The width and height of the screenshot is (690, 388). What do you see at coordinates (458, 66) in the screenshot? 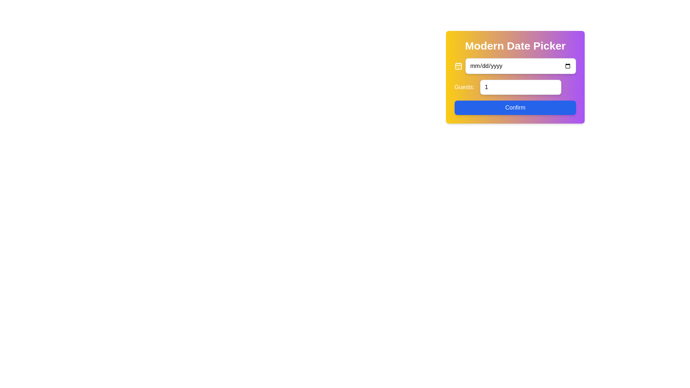
I see `the date selection icon located on the left side of the 'mm/dd/yyyy' input field` at bounding box center [458, 66].